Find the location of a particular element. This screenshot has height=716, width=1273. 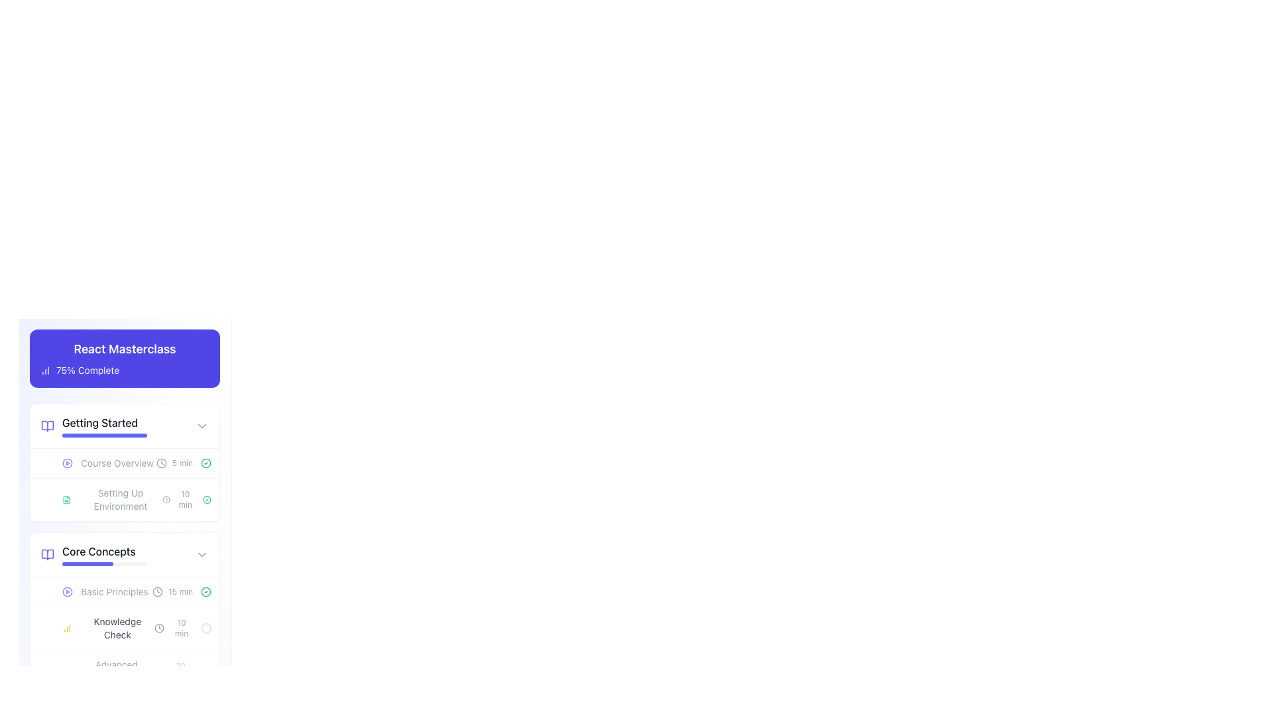

progress information from the text label that displays '75% Complete', which is styled in white text on a blue background and located near the title 'React Masterclass' is located at coordinates (87, 371).